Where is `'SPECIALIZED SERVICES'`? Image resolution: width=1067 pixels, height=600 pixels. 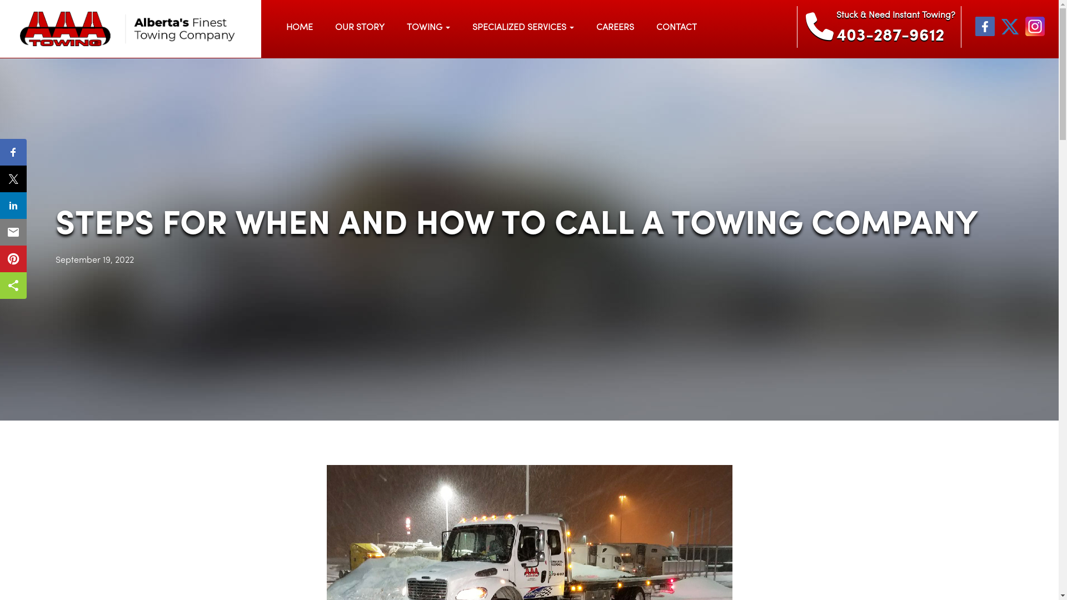 'SPECIALIZED SERVICES' is located at coordinates (472, 27).